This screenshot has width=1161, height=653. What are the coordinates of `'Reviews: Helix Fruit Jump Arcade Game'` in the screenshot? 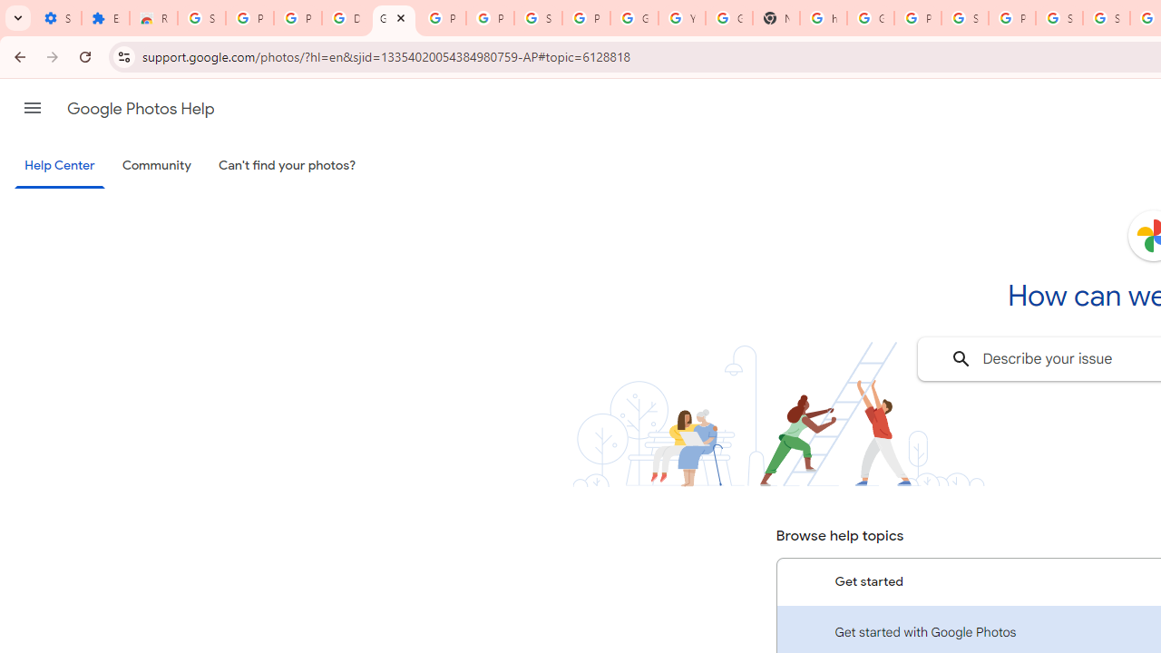 It's located at (153, 18).